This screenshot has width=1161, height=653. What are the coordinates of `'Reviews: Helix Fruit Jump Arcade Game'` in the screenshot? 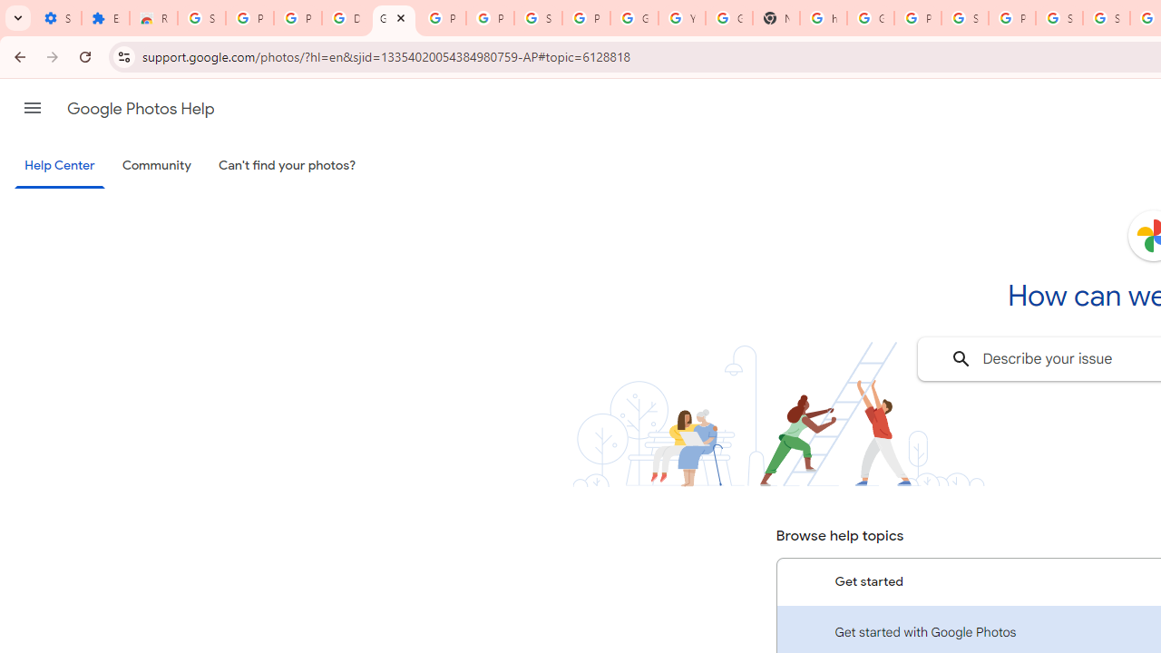 It's located at (153, 18).